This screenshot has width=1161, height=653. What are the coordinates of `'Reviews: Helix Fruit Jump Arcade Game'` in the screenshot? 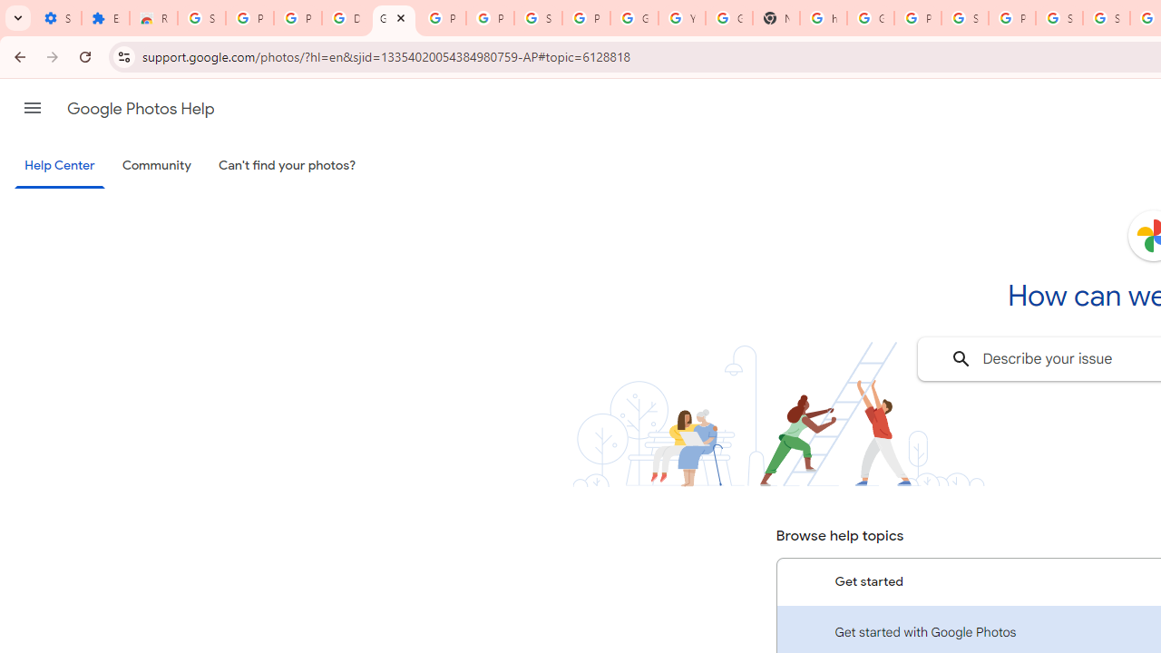 It's located at (153, 18).